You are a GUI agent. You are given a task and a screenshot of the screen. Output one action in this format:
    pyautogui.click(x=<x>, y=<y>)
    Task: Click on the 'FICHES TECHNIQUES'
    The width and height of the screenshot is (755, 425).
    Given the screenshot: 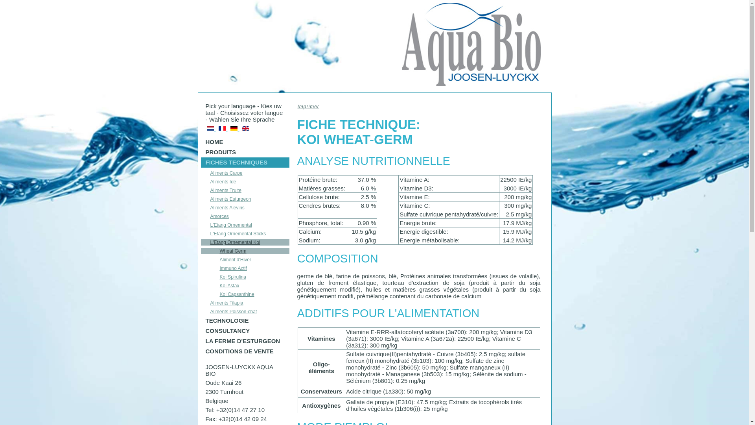 What is the action you would take?
    pyautogui.click(x=200, y=162)
    